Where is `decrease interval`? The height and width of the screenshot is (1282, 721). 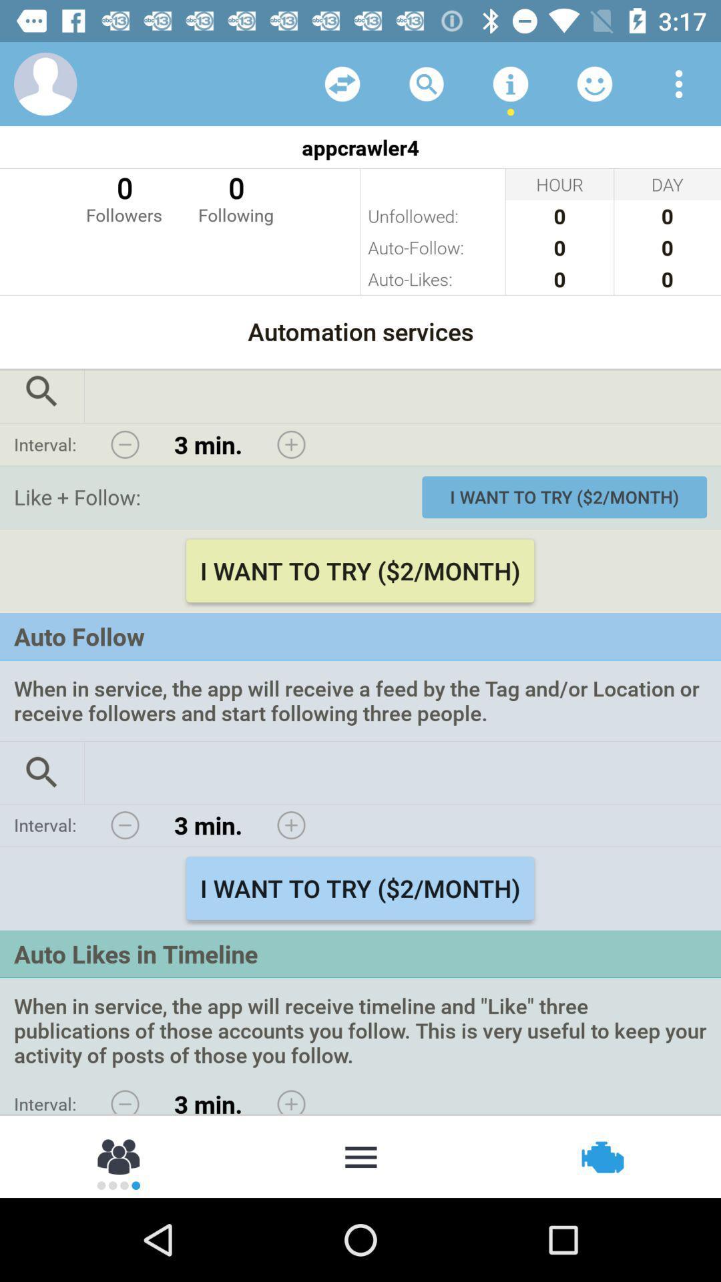
decrease interval is located at coordinates (125, 825).